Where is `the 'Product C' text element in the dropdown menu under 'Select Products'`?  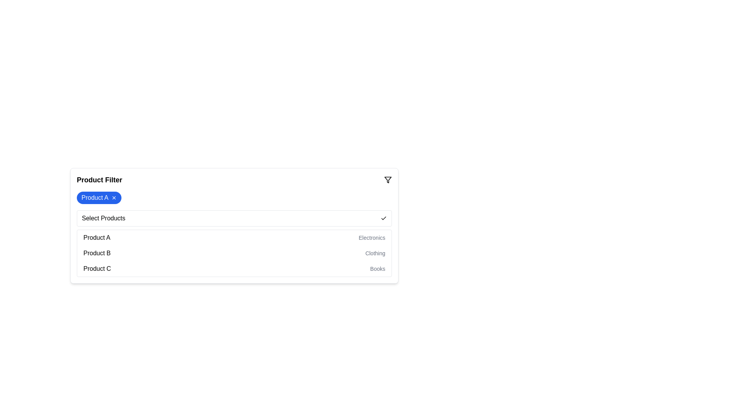
the 'Product C' text element in the dropdown menu under 'Select Products' is located at coordinates (97, 268).